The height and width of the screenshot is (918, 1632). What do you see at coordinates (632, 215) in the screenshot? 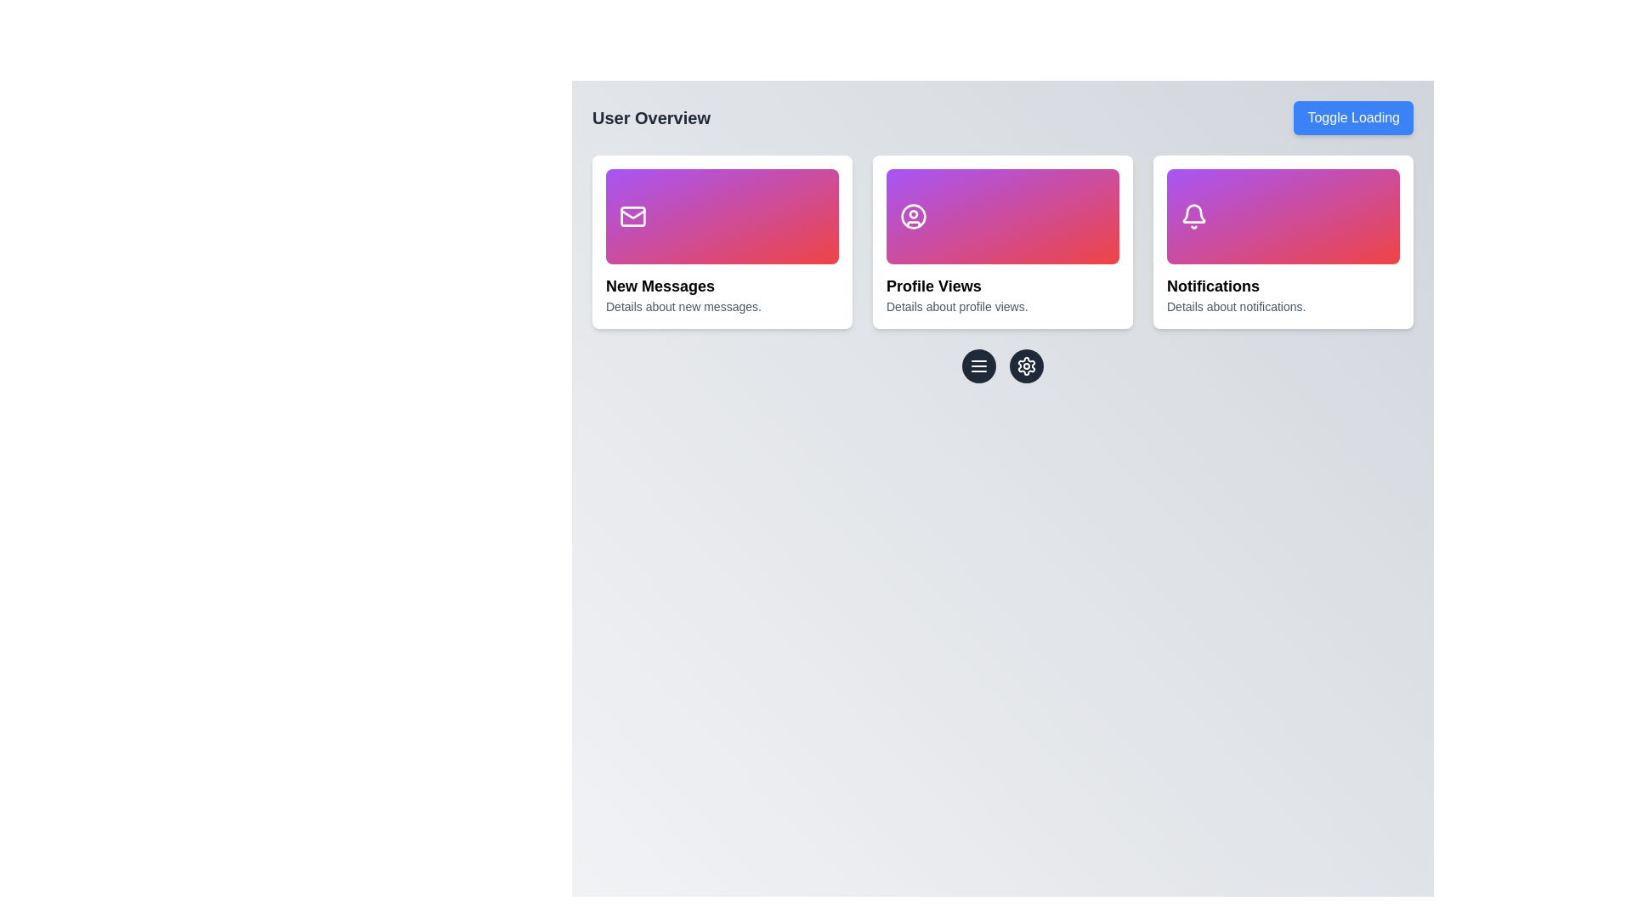
I see `the Icon-like rectangle located in the upper-left card of the interface` at bounding box center [632, 215].